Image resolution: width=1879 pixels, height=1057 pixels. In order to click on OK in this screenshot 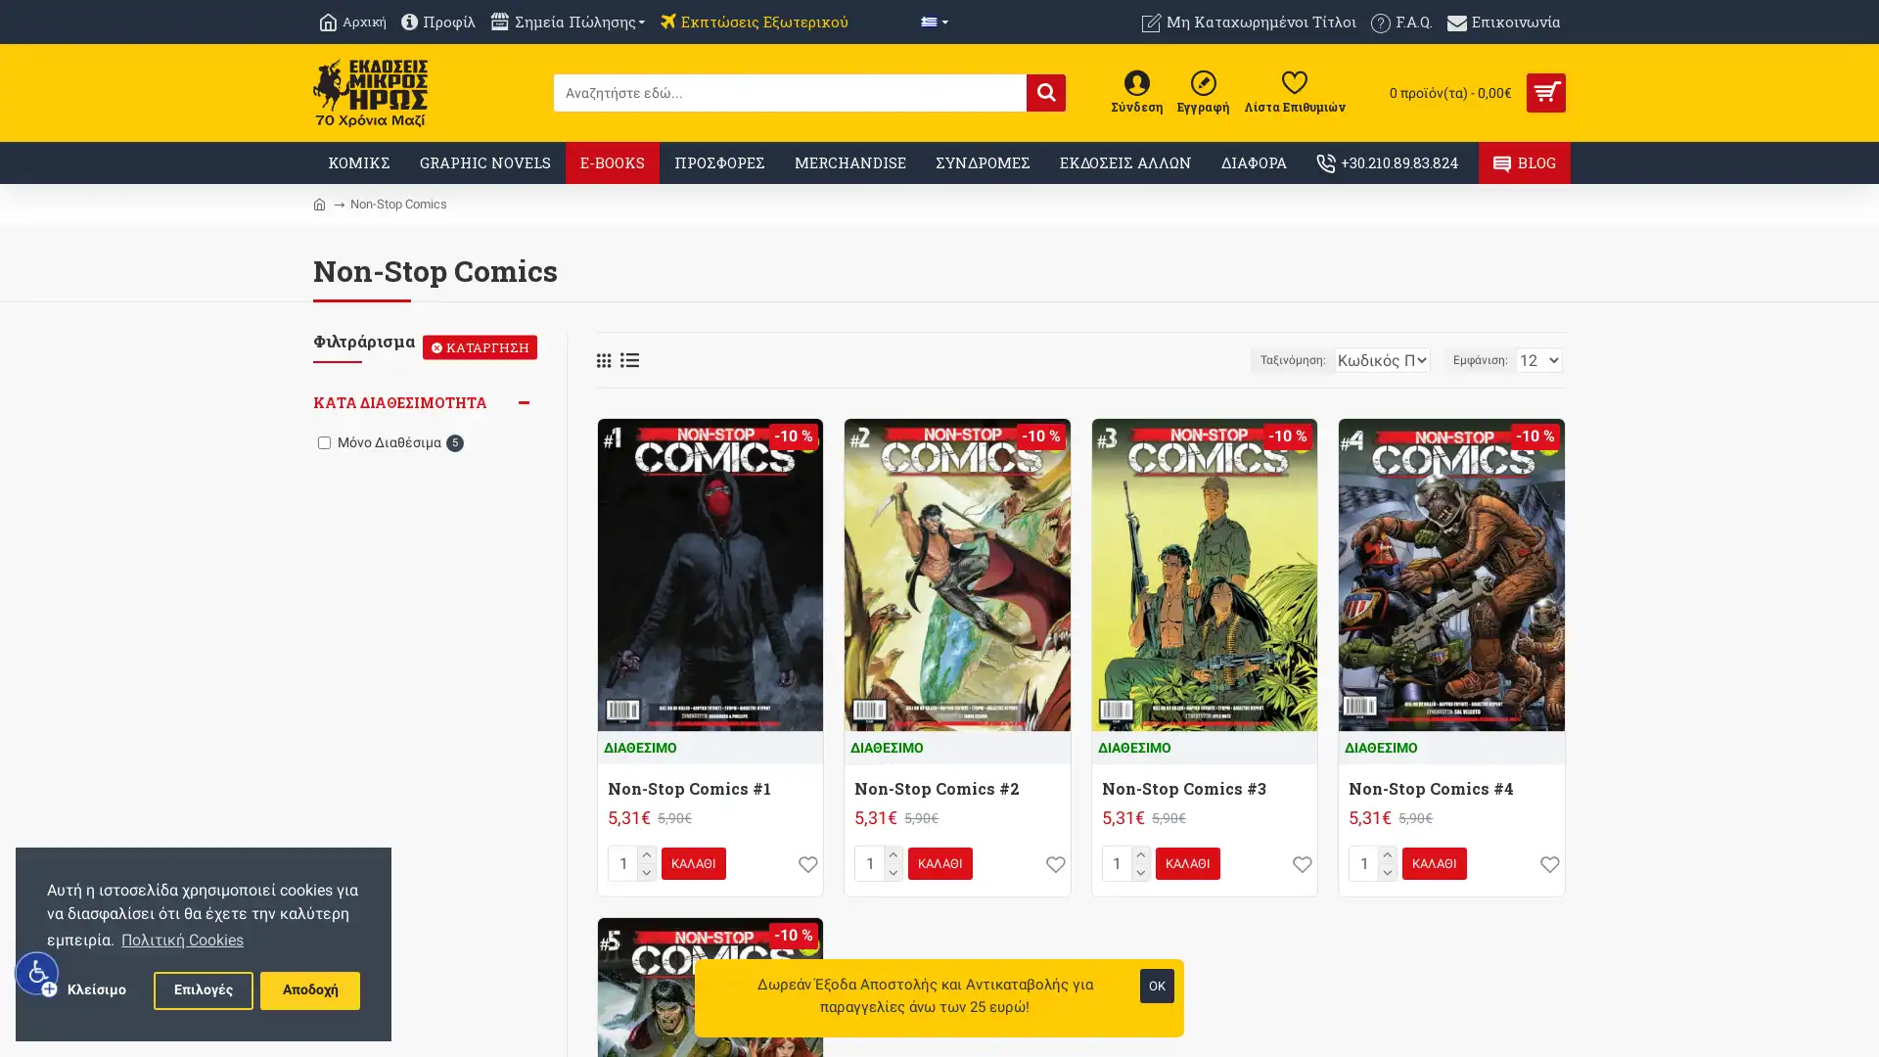, I will do `click(1157, 986)`.